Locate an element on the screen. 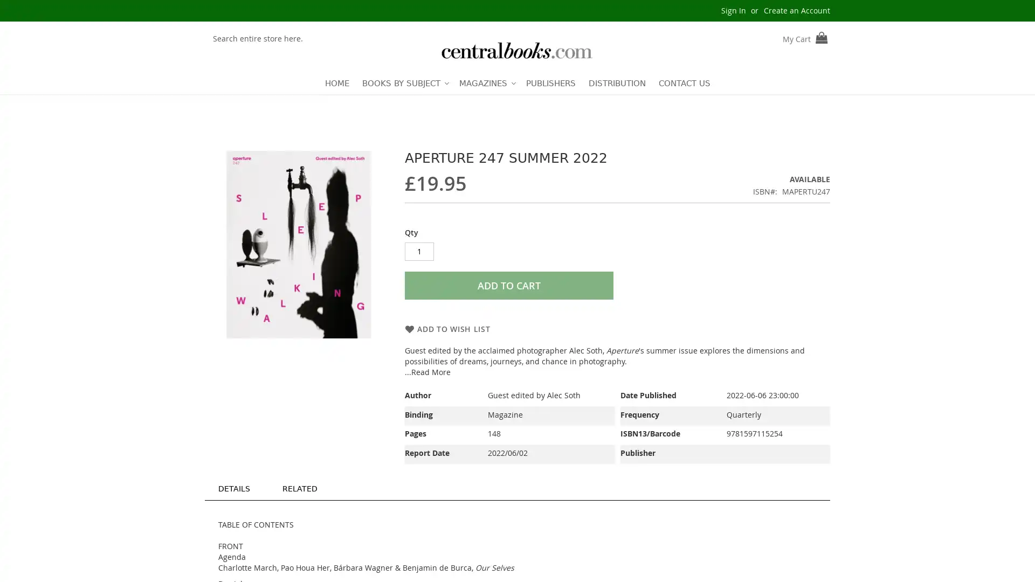 The image size is (1035, 582). ADD TO CART is located at coordinates (508, 284).